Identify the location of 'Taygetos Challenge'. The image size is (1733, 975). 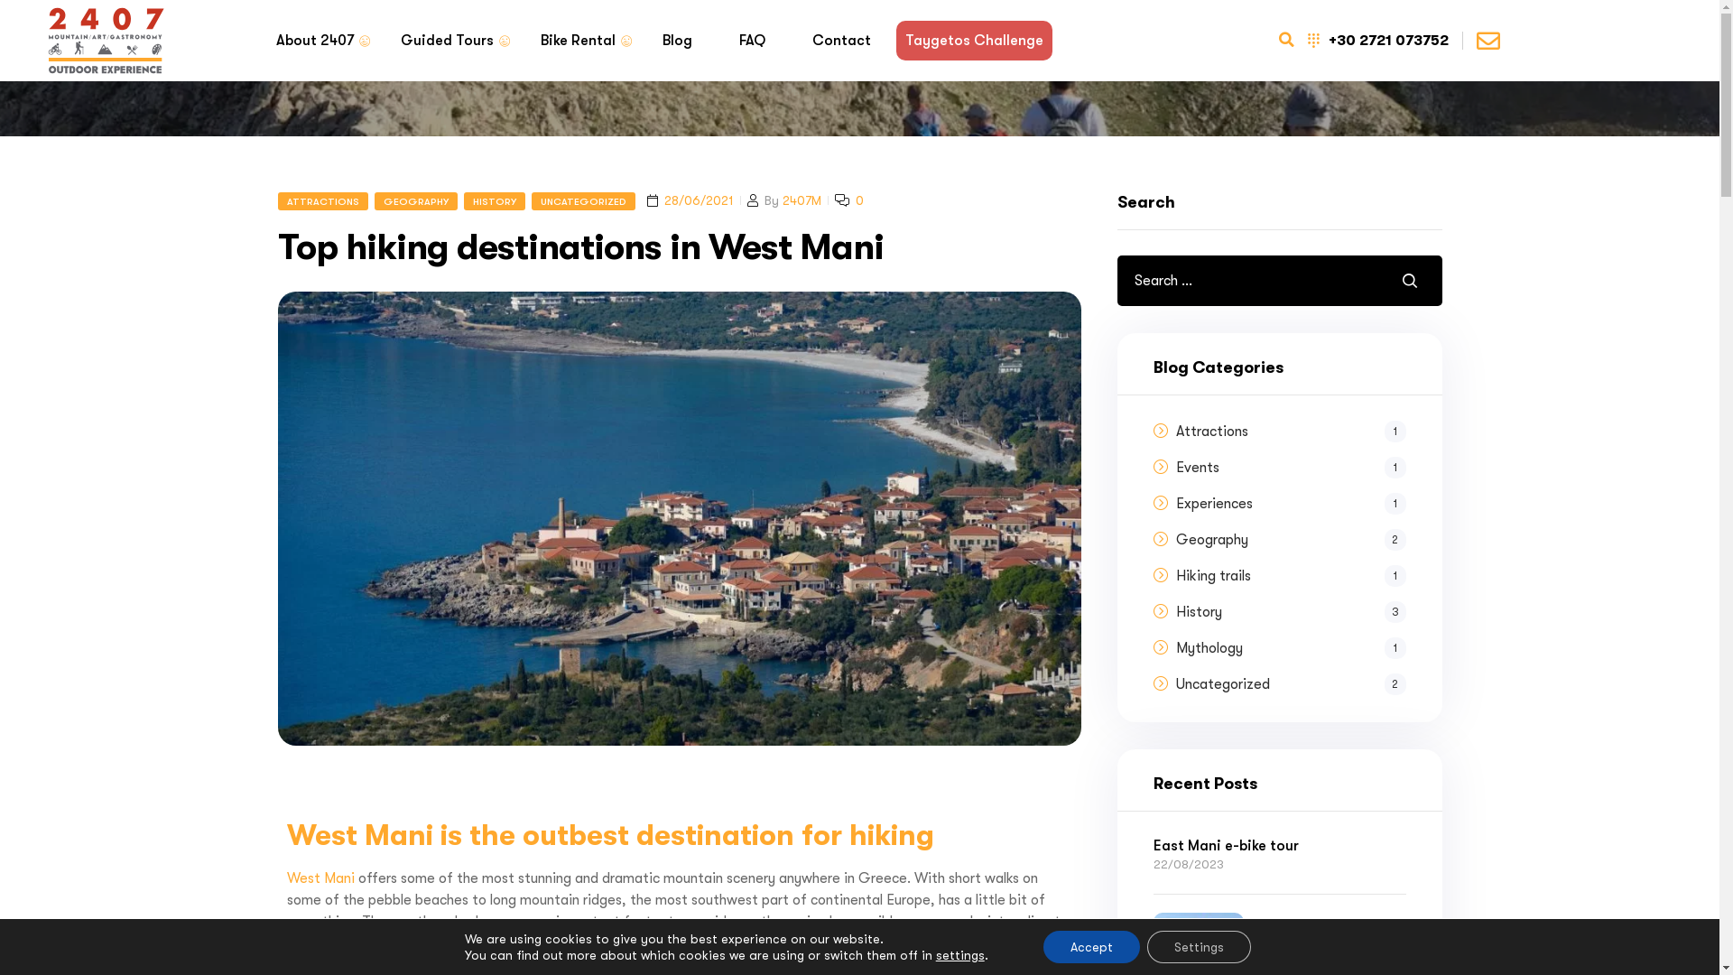
(972, 41).